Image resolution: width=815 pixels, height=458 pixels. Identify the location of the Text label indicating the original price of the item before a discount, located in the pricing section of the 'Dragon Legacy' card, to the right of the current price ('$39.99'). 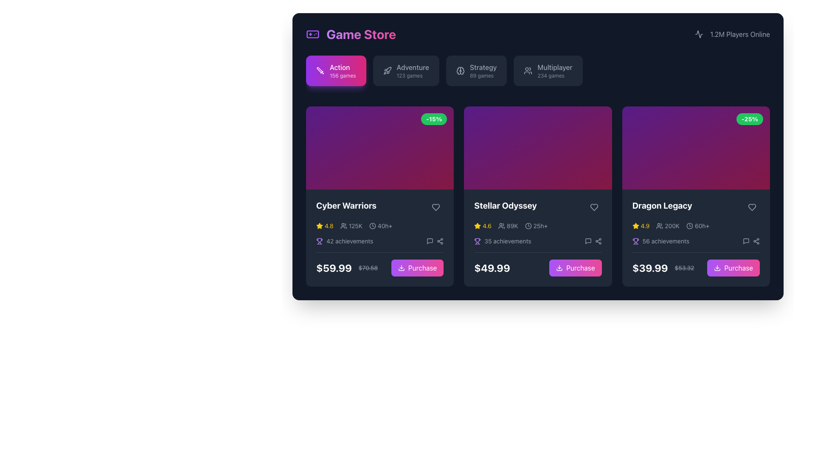
(684, 268).